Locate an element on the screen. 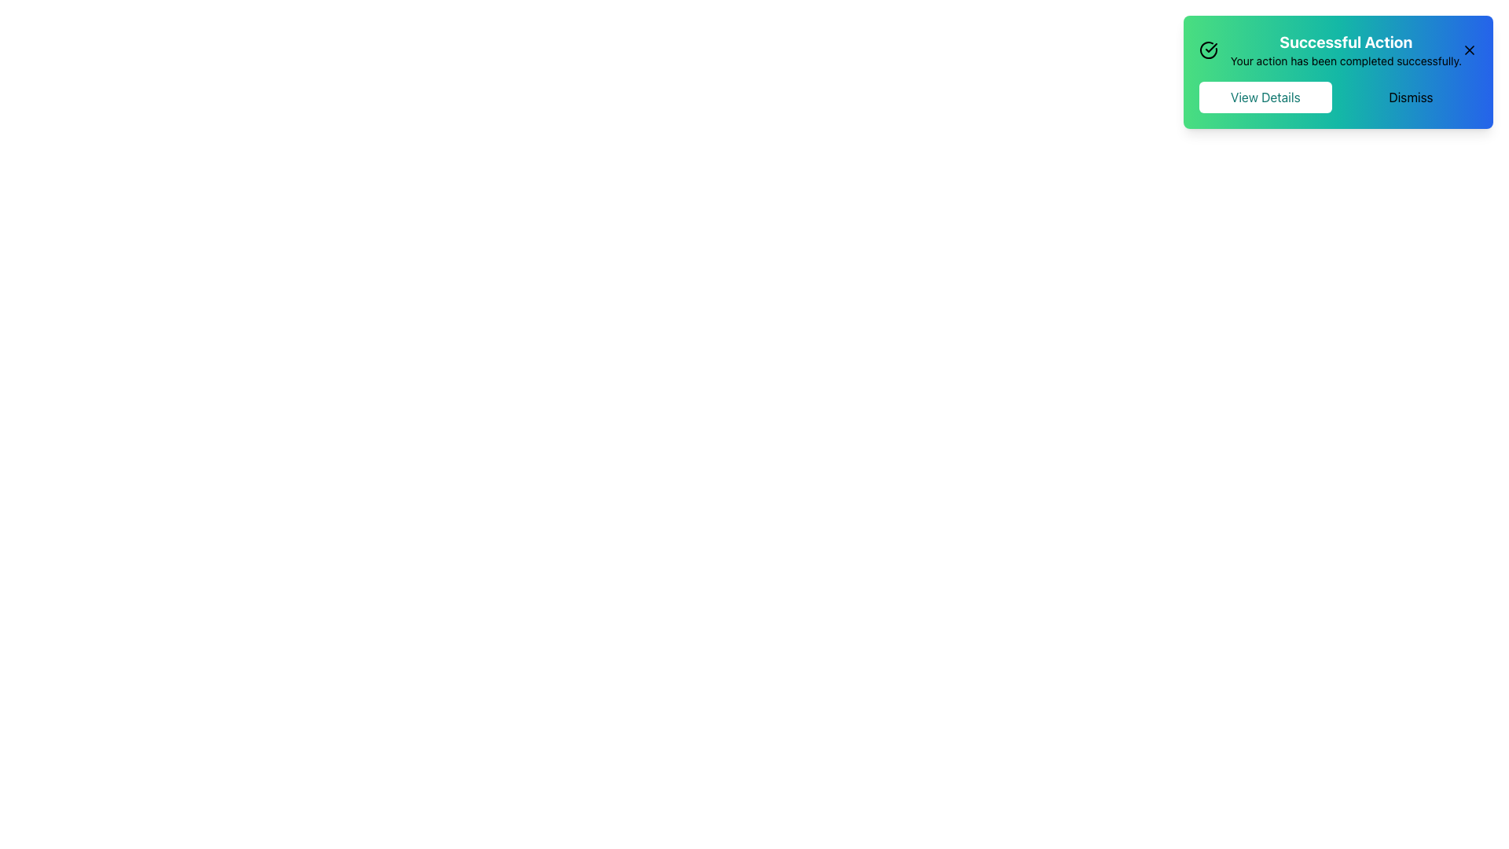  the dismissal button located at the top-right corner of the notification card is located at coordinates (1411, 97).